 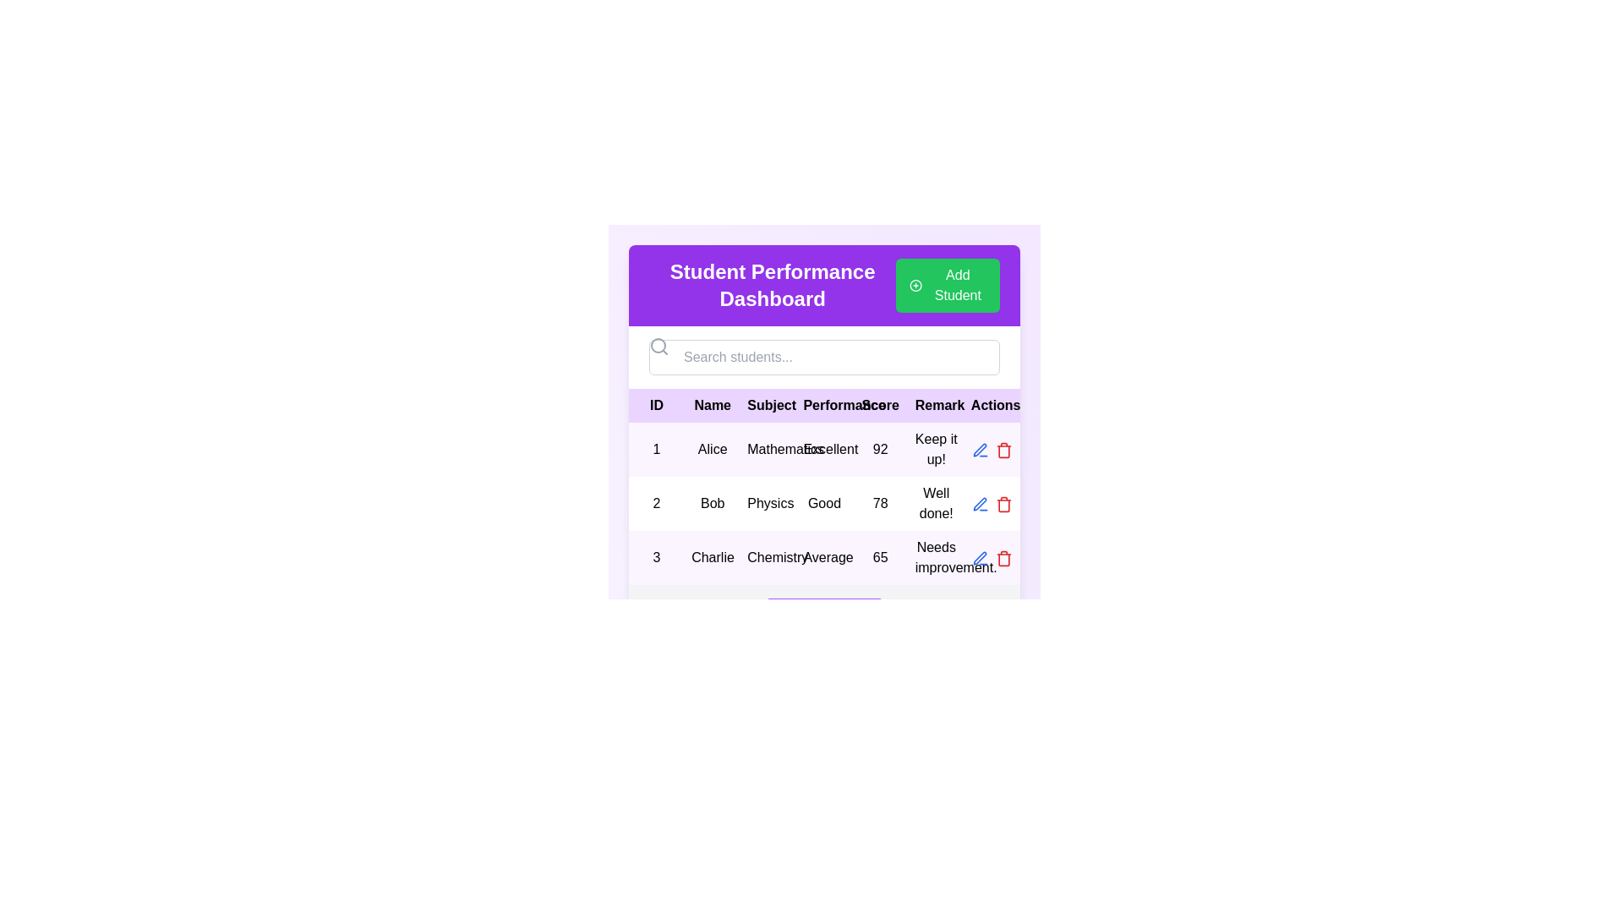 What do you see at coordinates (935, 449) in the screenshot?
I see `the text label 'Keep it up!' located in the 'Remark' column of the first row in the performance data table` at bounding box center [935, 449].